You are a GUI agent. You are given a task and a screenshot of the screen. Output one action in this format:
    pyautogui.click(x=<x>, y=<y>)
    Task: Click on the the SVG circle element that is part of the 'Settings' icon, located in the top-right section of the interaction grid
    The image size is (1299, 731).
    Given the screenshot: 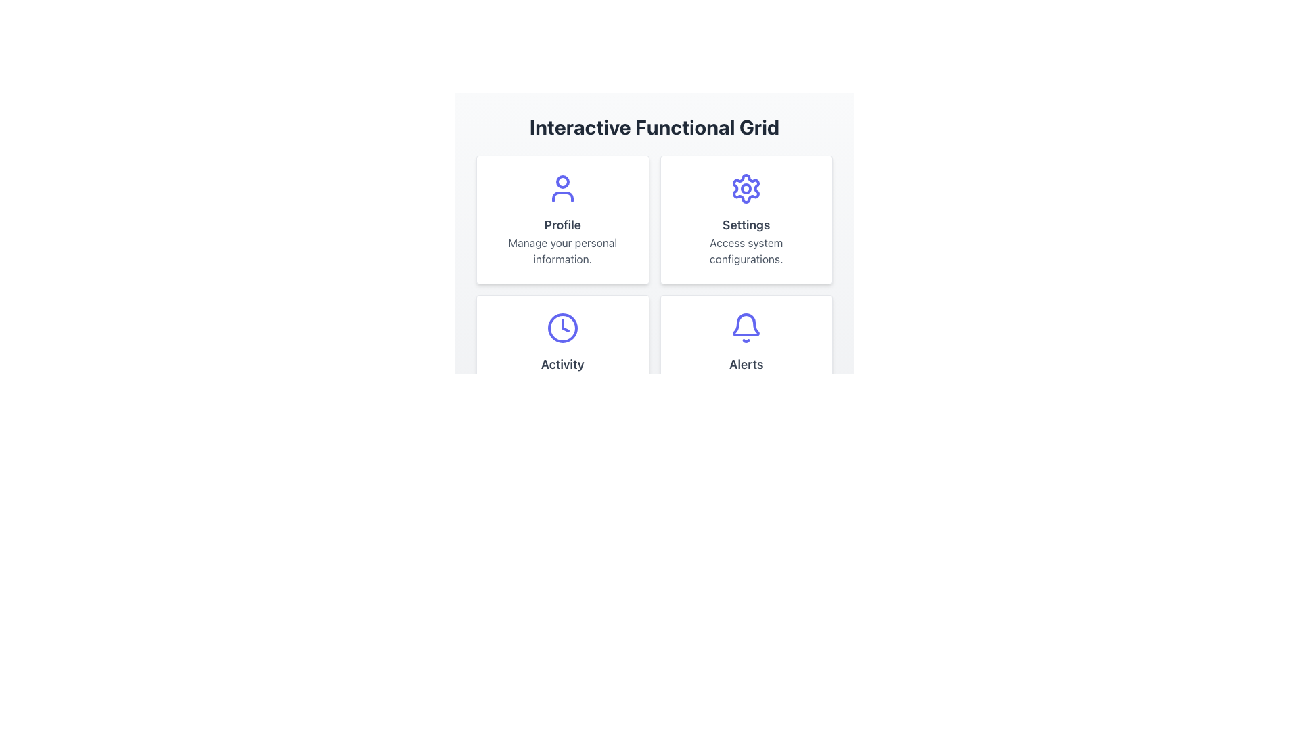 What is the action you would take?
    pyautogui.click(x=746, y=188)
    